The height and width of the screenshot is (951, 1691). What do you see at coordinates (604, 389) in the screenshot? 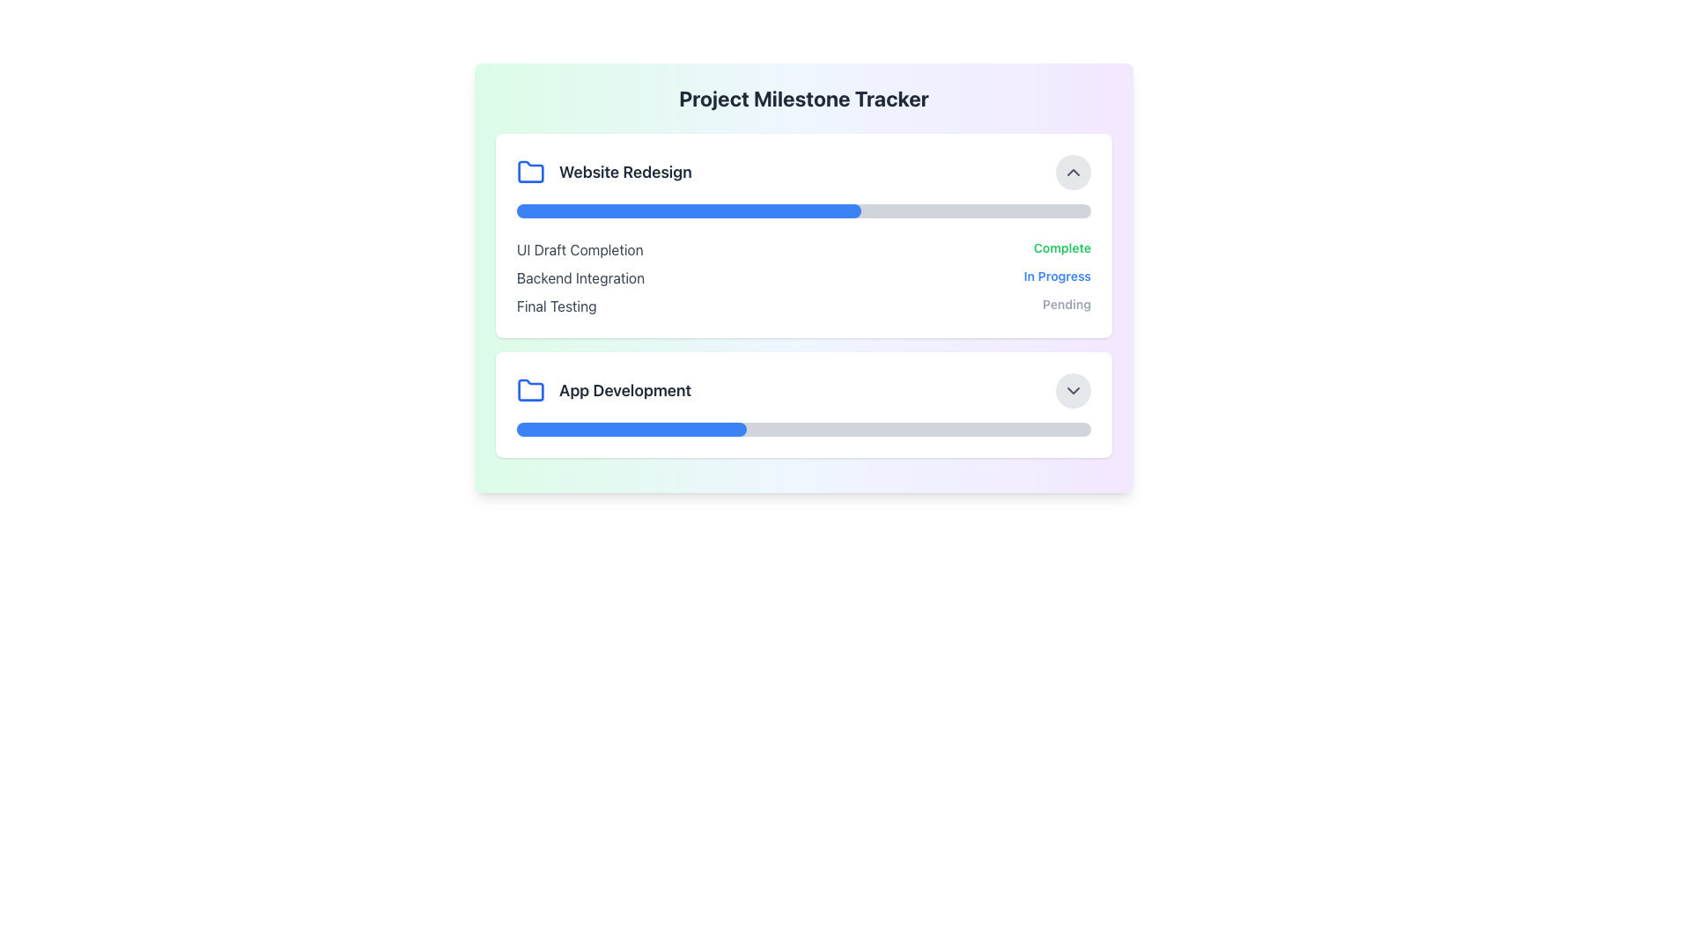
I see `the Composite UI component consisting of a blue folder icon and the text 'App Development'` at bounding box center [604, 389].